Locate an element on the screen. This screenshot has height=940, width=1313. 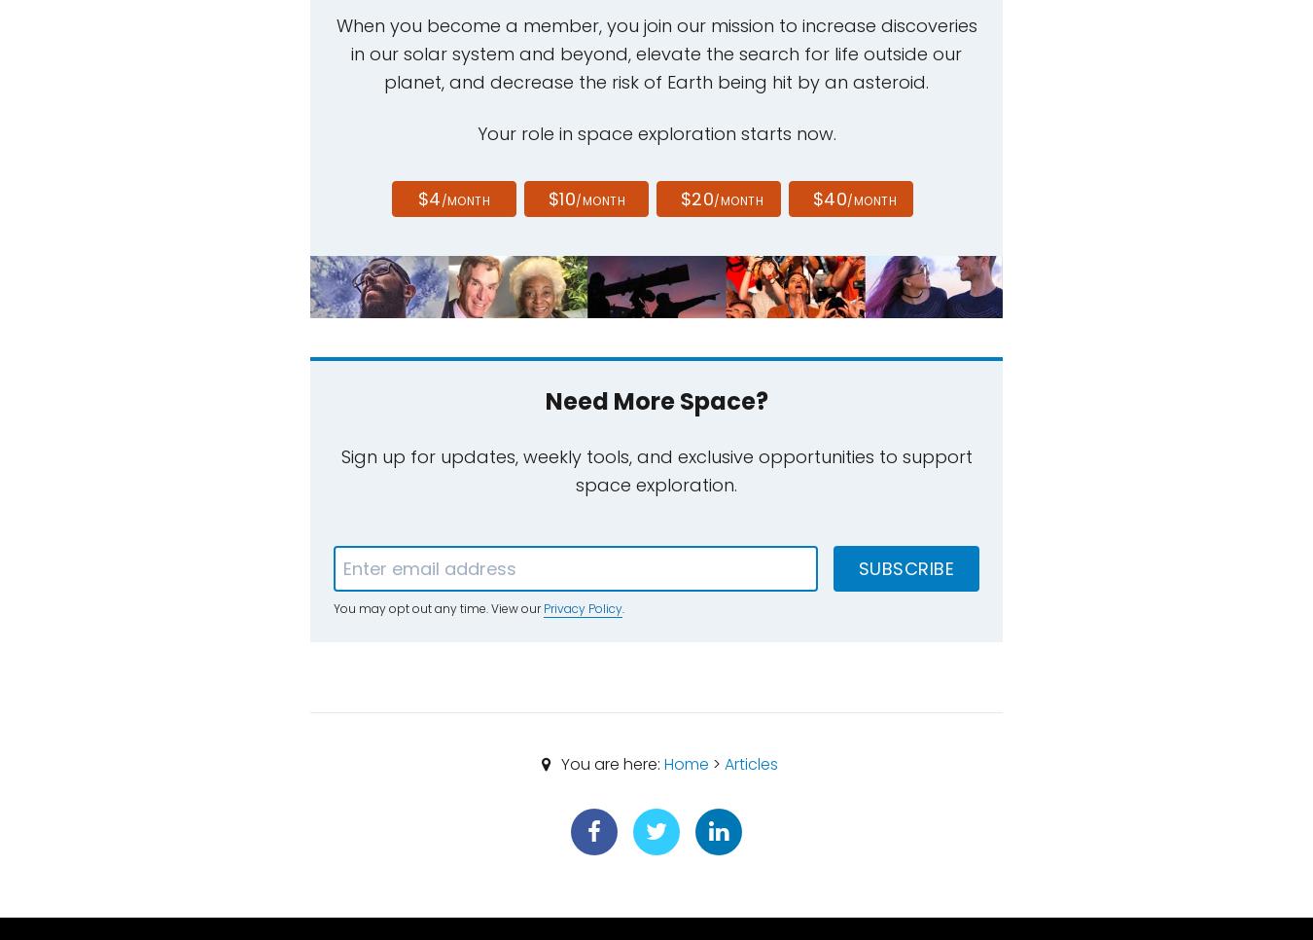
'.' is located at coordinates (622, 607).